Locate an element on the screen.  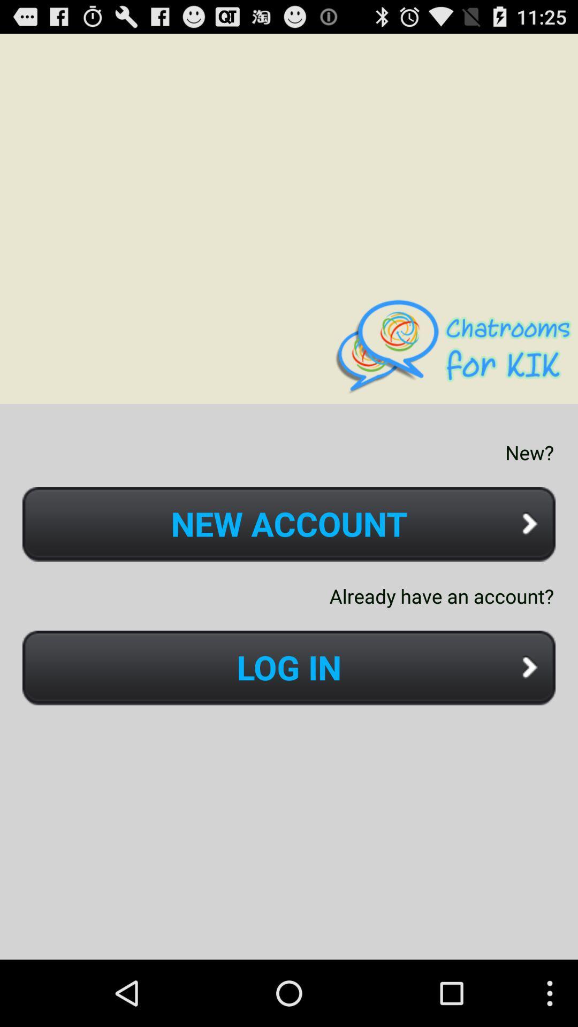
icon above already have an is located at coordinates (289, 524).